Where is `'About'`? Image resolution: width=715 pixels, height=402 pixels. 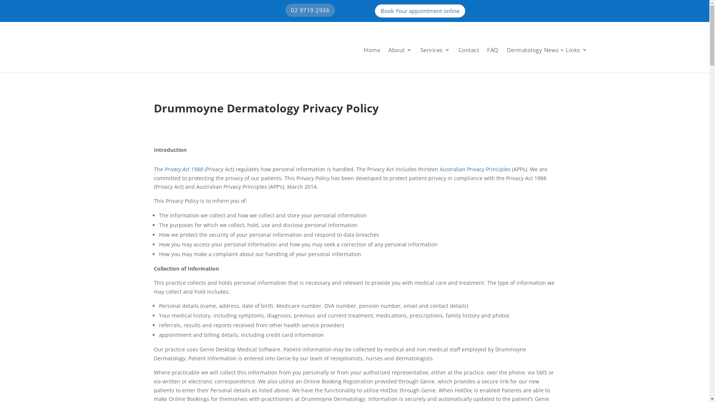
'About' is located at coordinates (400, 50).